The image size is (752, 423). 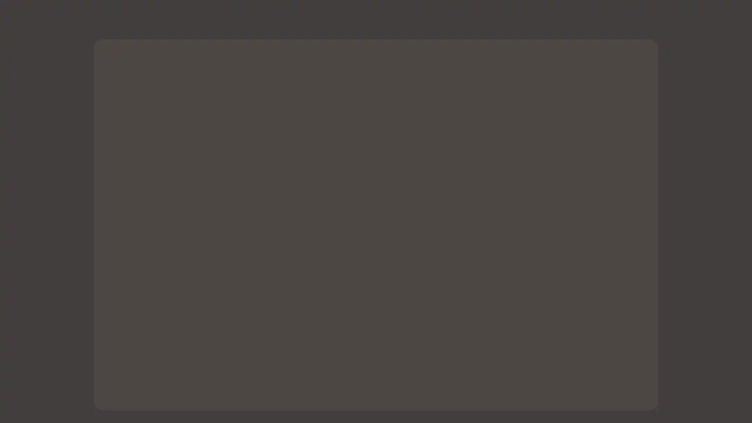 What do you see at coordinates (395, 369) in the screenshot?
I see `Merit` at bounding box center [395, 369].